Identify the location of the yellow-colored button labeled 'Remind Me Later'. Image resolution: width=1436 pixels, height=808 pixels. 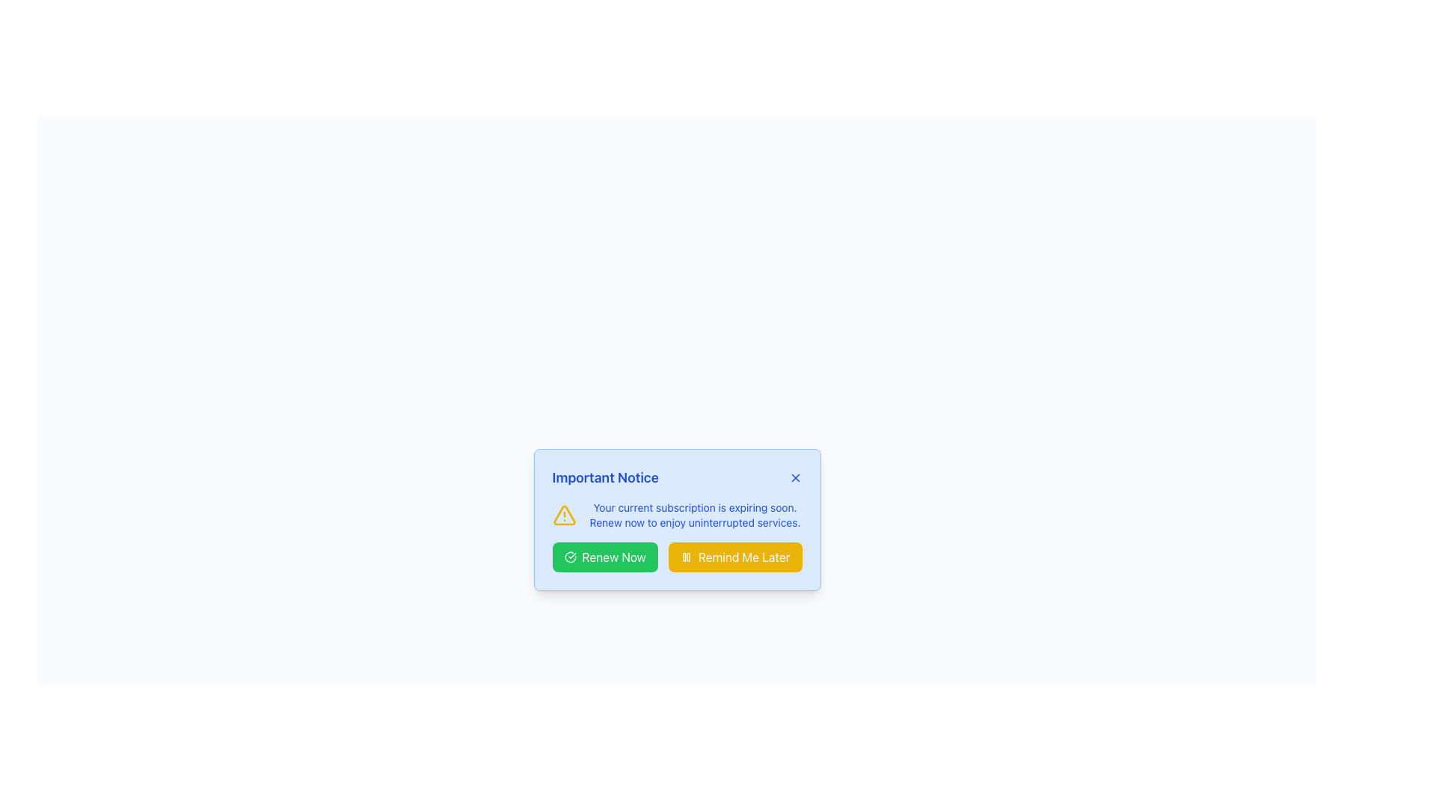
(735, 557).